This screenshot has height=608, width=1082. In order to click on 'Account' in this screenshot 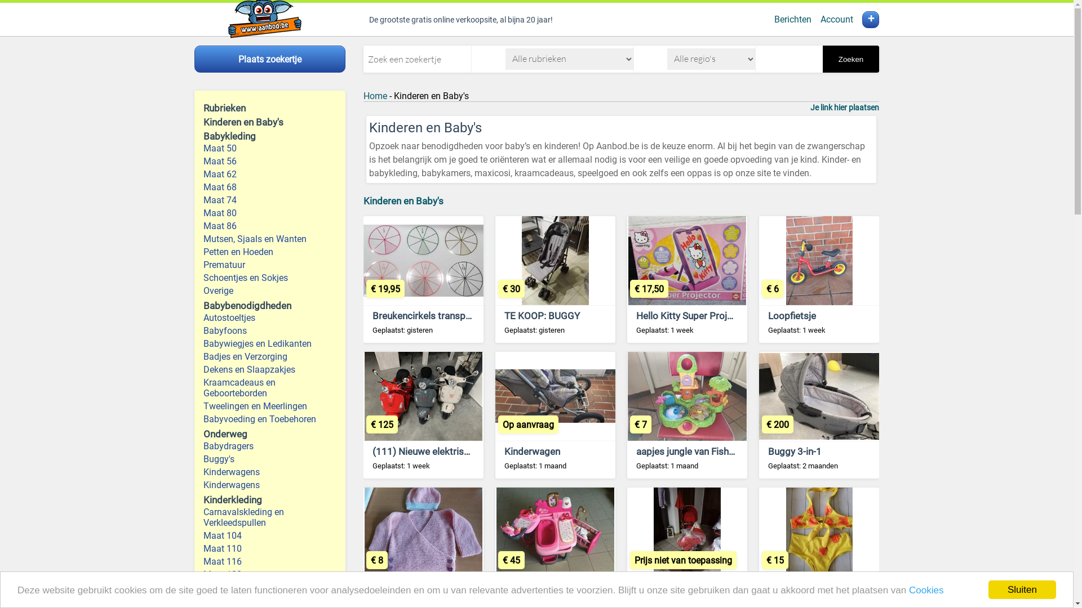, I will do `click(836, 19)`.